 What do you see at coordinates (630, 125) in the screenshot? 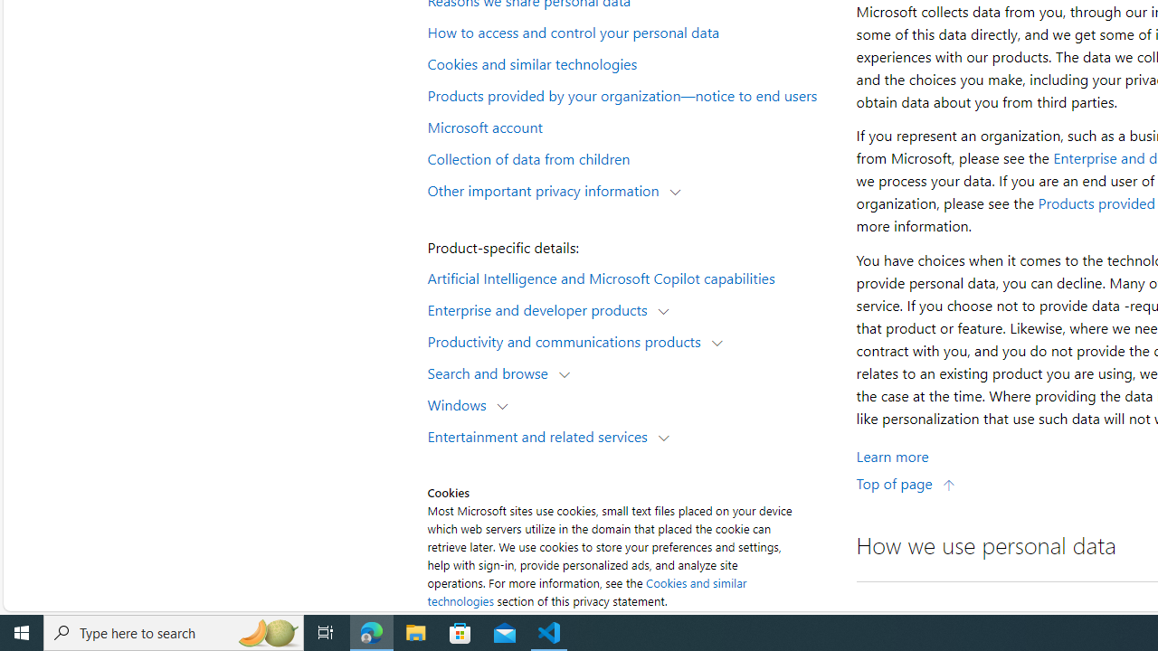
I see `'Microsoft account'` at bounding box center [630, 125].